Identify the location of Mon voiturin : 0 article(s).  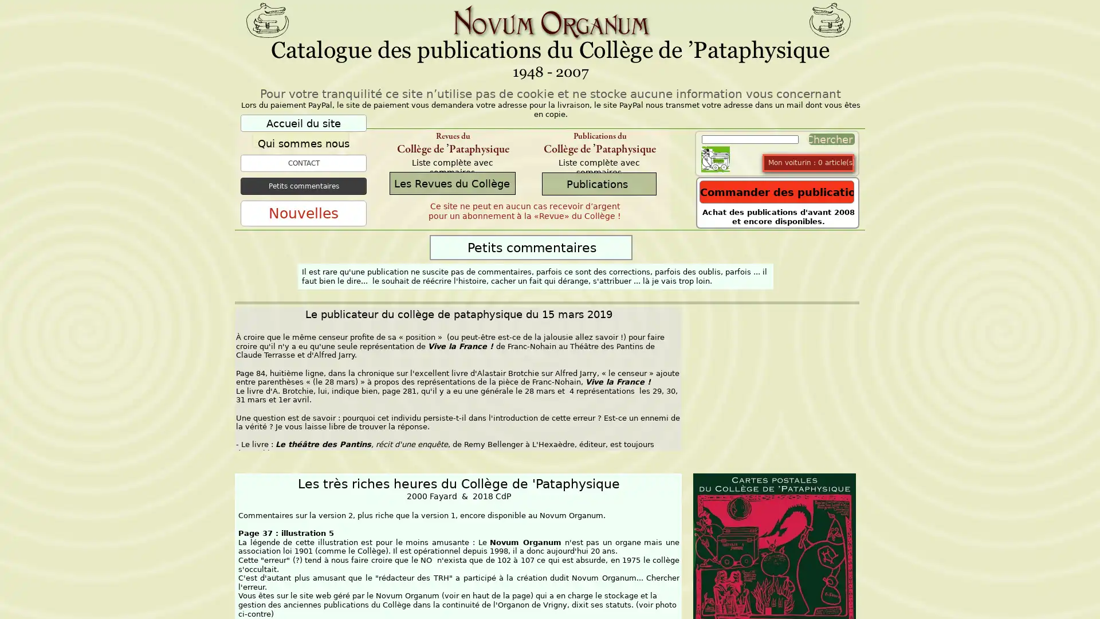
(811, 163).